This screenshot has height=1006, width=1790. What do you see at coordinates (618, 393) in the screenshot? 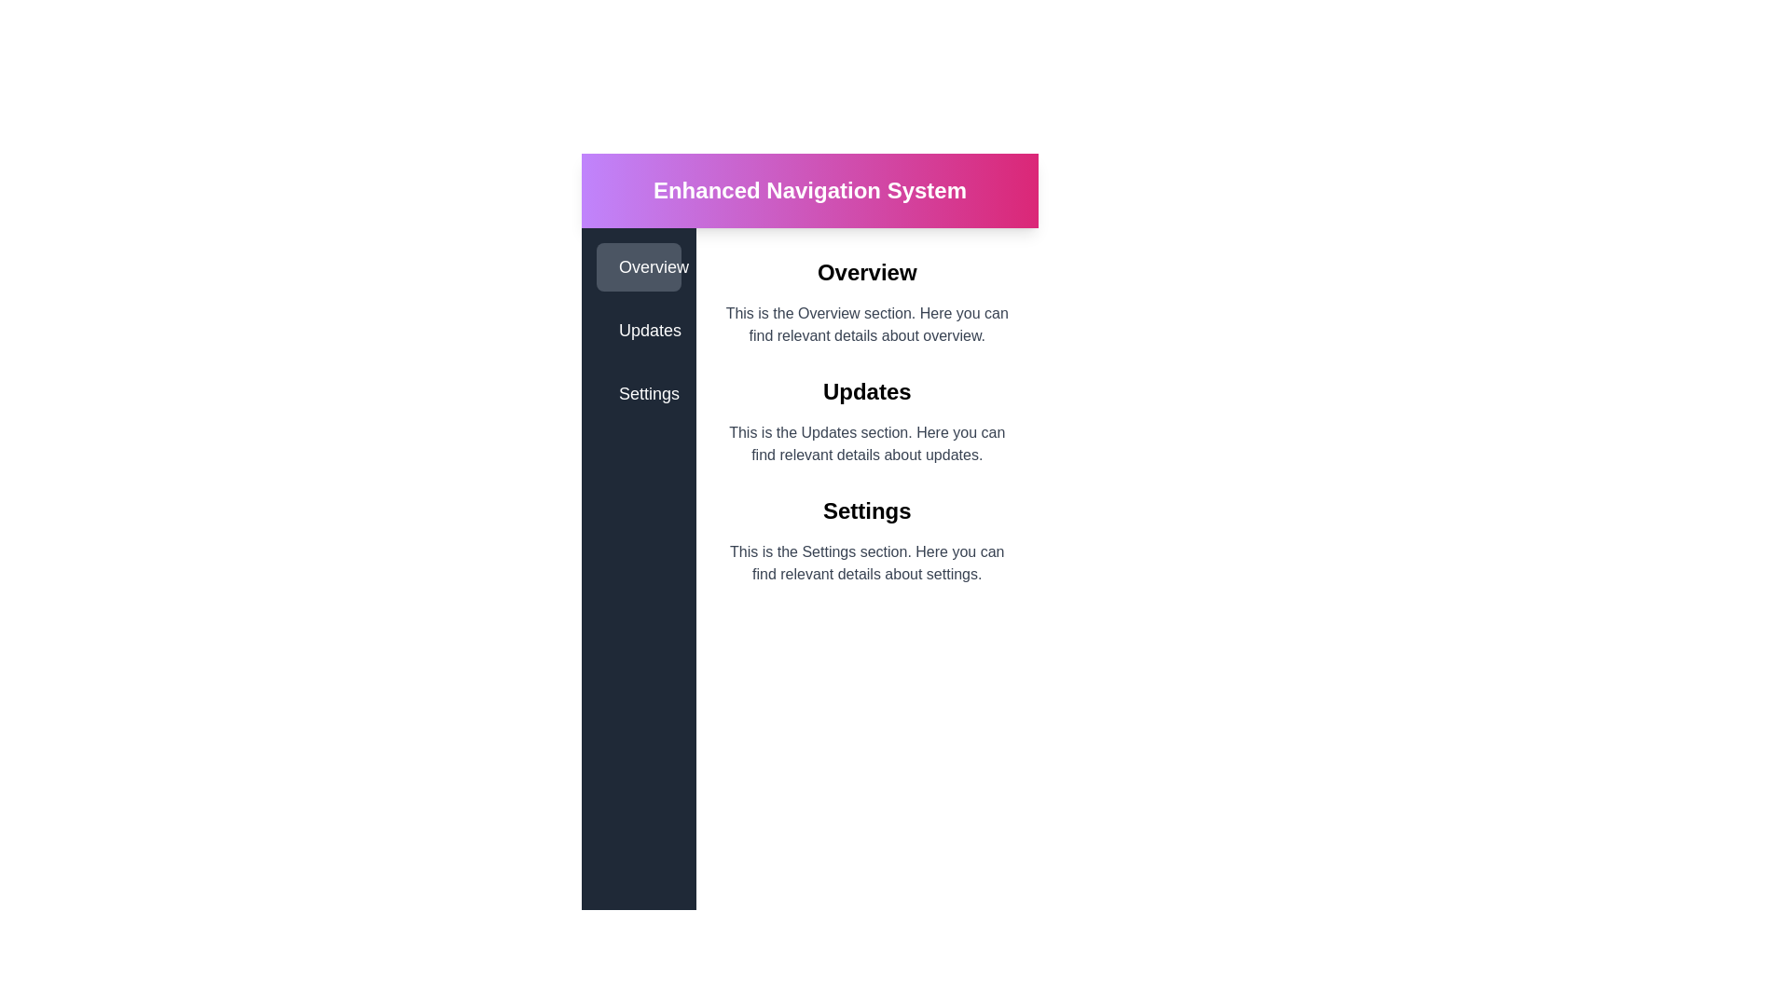
I see `the small gear icon representing settings, located in the vertical sidebar on the left side of the interface, next to the 'Settings' menu item` at bounding box center [618, 393].